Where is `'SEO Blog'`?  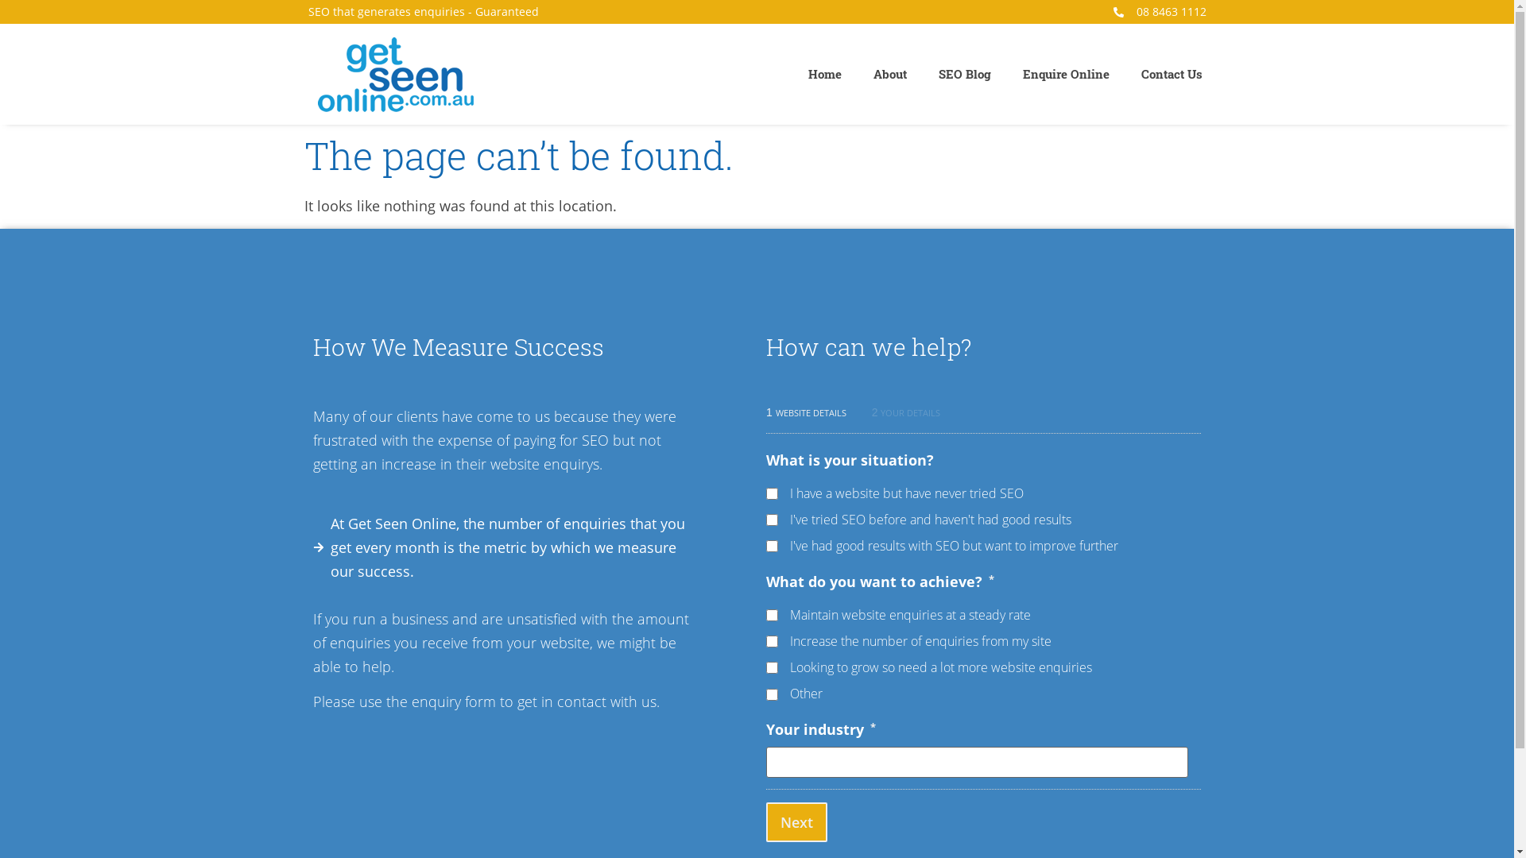 'SEO Blog' is located at coordinates (963, 74).